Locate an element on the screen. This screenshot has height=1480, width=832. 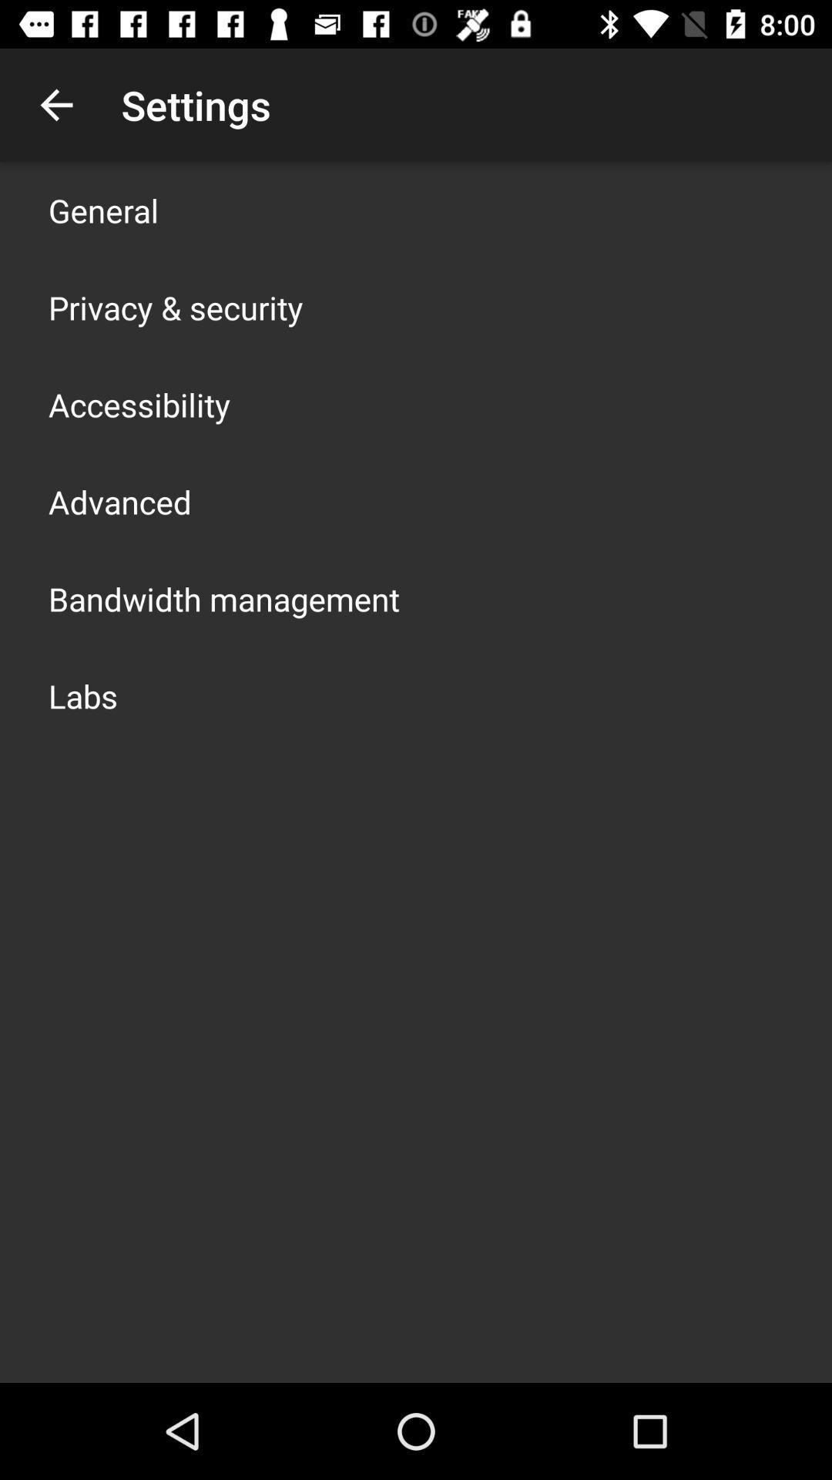
item to the left of settings icon is located at coordinates (55, 104).